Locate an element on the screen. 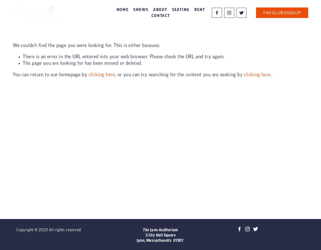 Image resolution: width=321 pixels, height=250 pixels. 'There is an error in the URL entered into your web browser. Please check the URL and try again.' is located at coordinates (124, 56).